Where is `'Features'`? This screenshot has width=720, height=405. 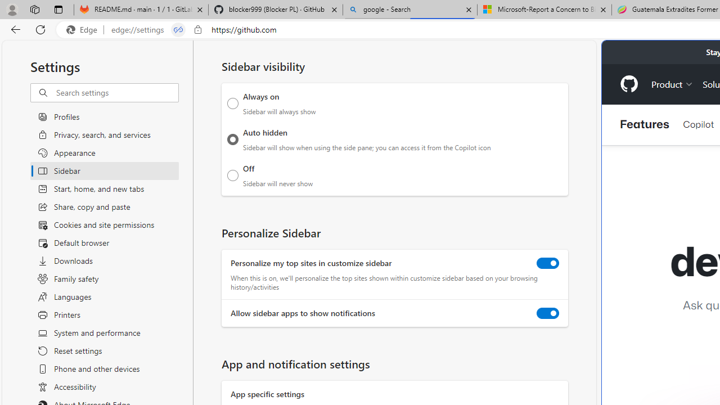
'Features' is located at coordinates (645, 124).